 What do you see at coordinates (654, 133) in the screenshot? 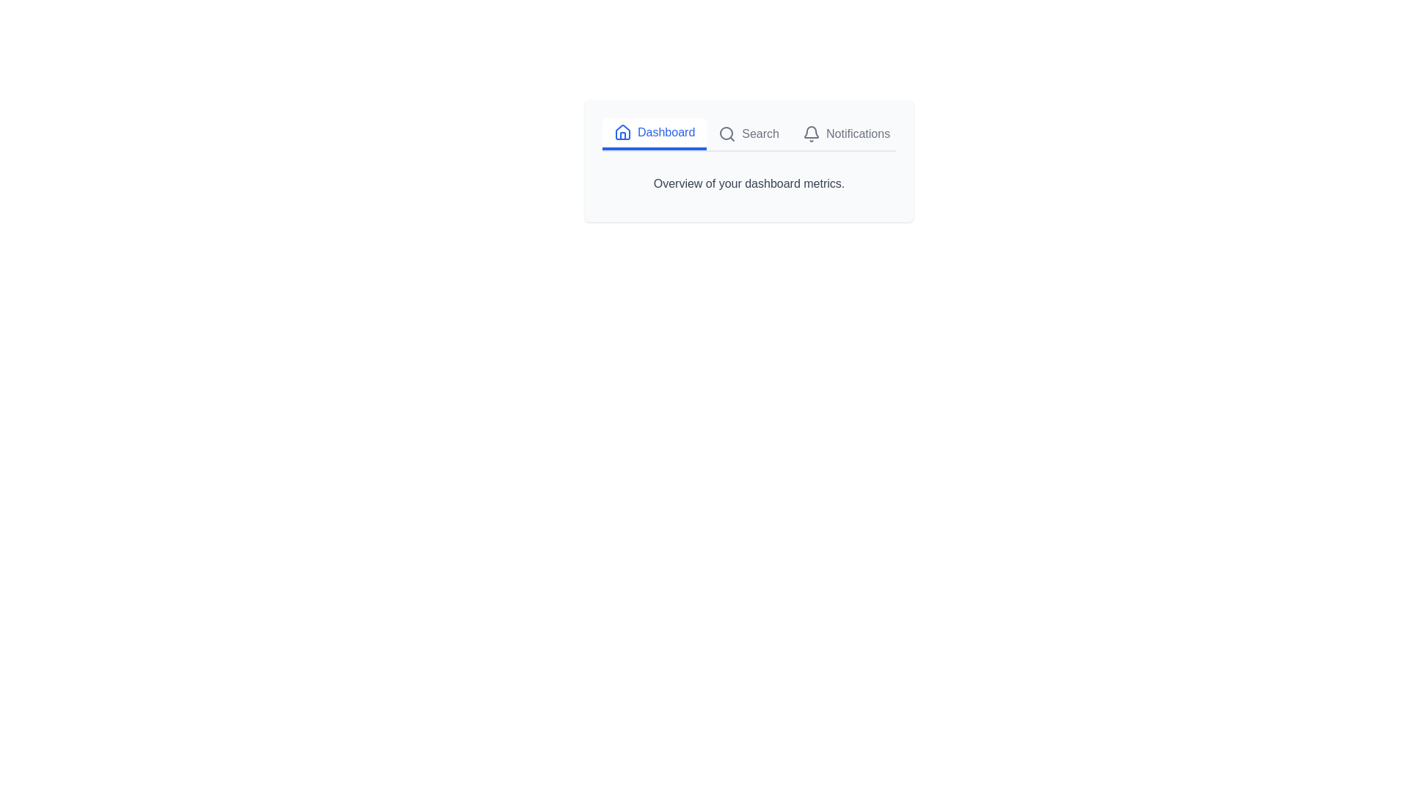
I see `the tab Dashboard to observe the hover effect` at bounding box center [654, 133].